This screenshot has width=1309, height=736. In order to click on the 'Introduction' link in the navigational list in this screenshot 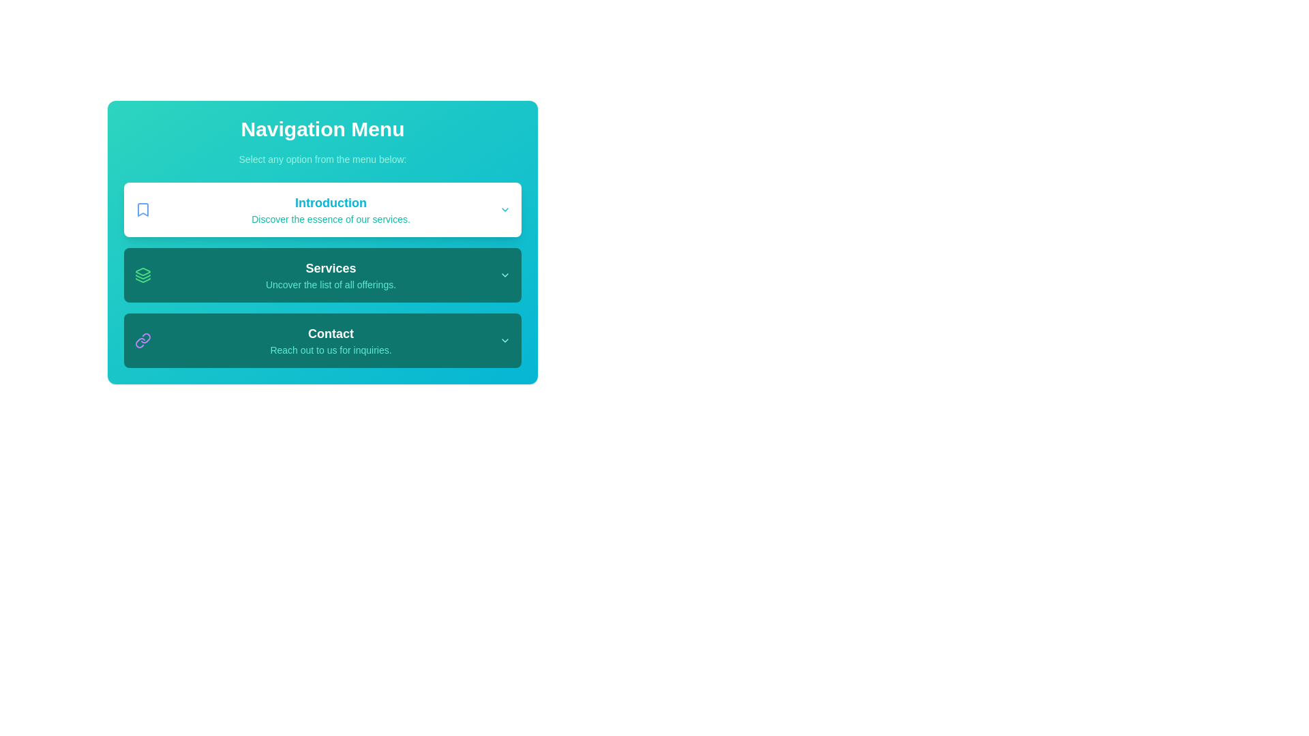, I will do `click(322, 210)`.